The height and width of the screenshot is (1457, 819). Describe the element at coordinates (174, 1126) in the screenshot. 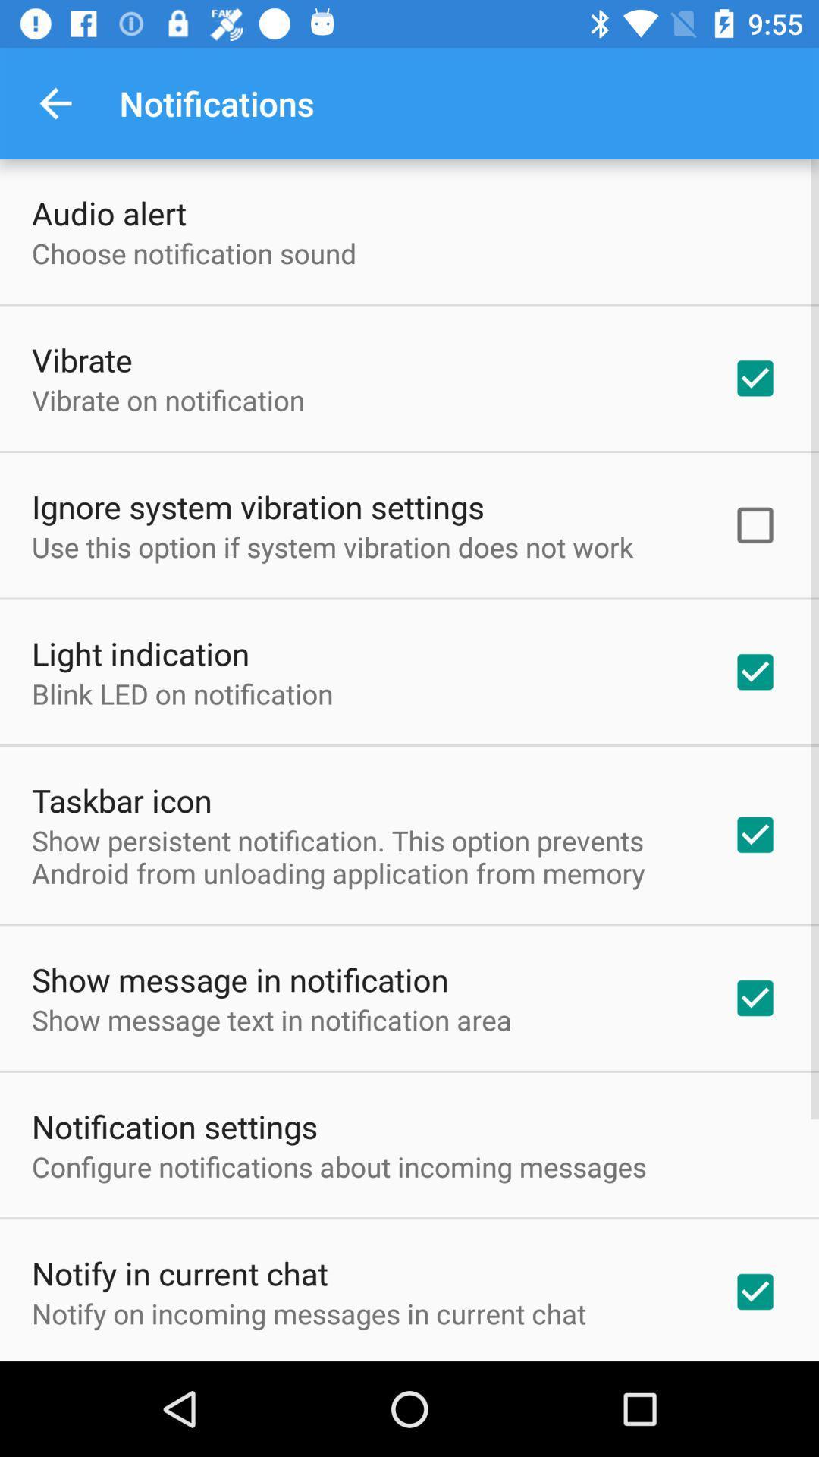

I see `the notification settings item` at that location.